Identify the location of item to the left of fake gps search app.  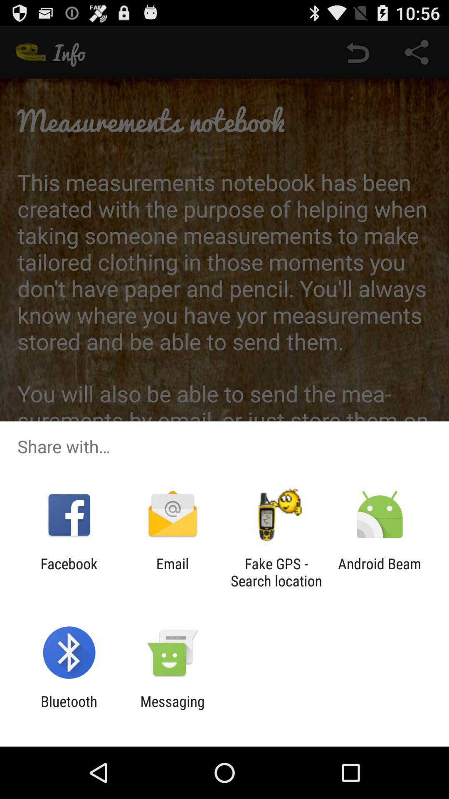
(172, 572).